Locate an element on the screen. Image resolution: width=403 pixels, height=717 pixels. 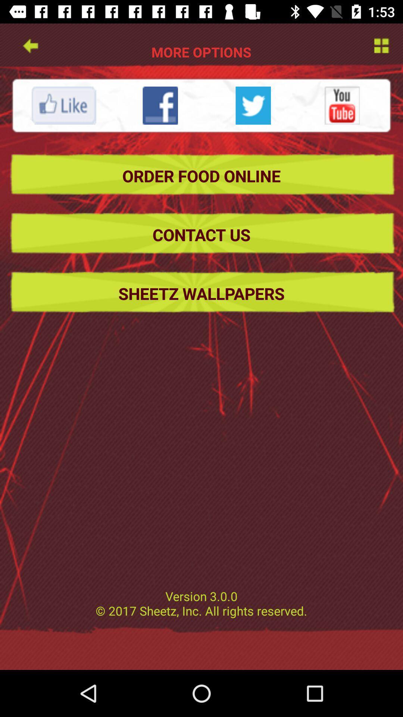
you tube is located at coordinates (342, 105).